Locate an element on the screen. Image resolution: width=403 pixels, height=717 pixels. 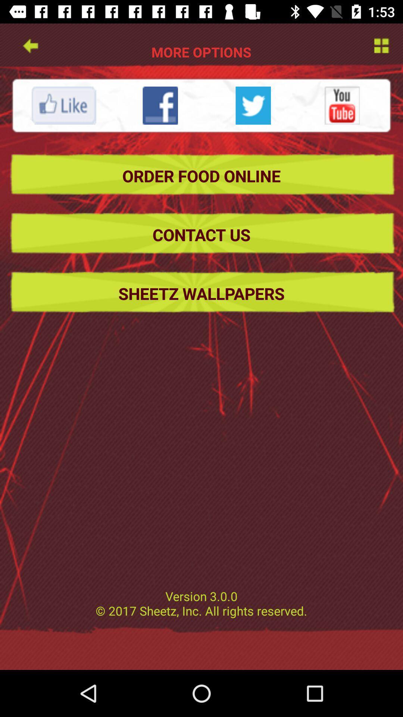
you tube is located at coordinates (342, 105).